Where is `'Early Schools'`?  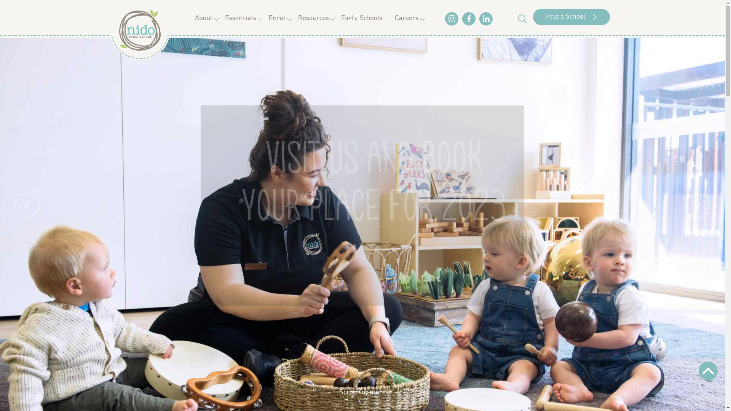 'Early Schools' is located at coordinates (361, 18).